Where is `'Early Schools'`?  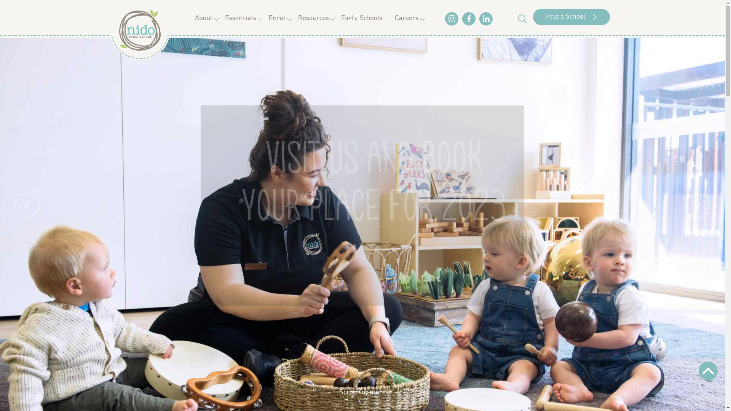 'Early Schools' is located at coordinates (361, 18).